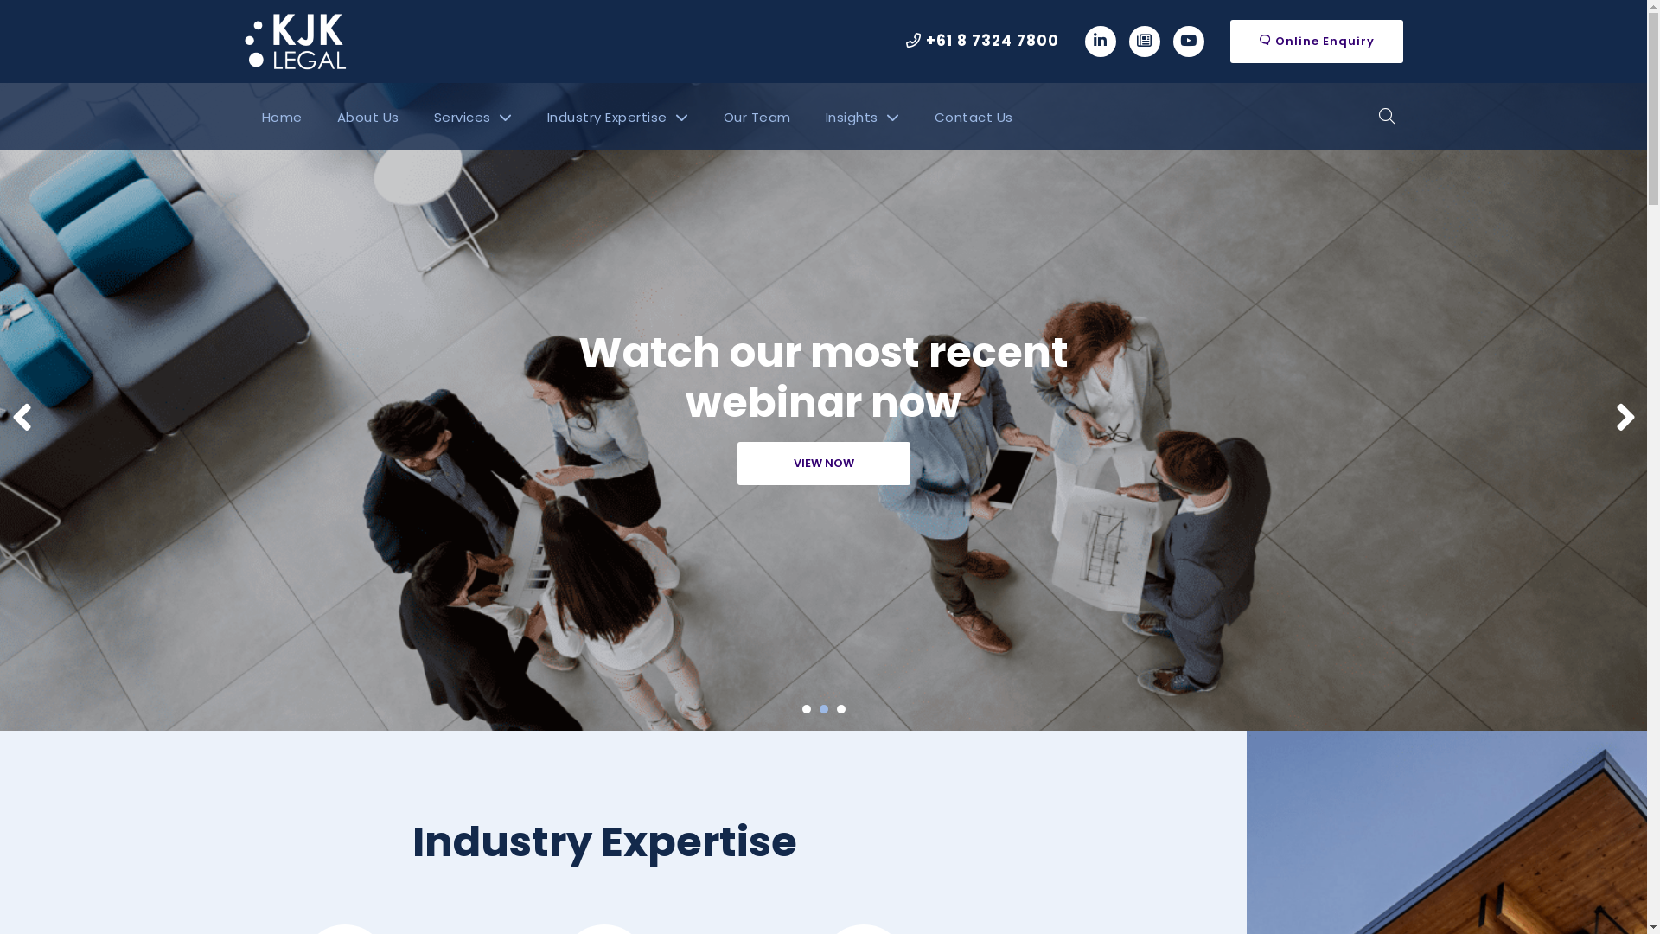 This screenshot has height=934, width=1660. I want to click on '3', so click(841, 709).